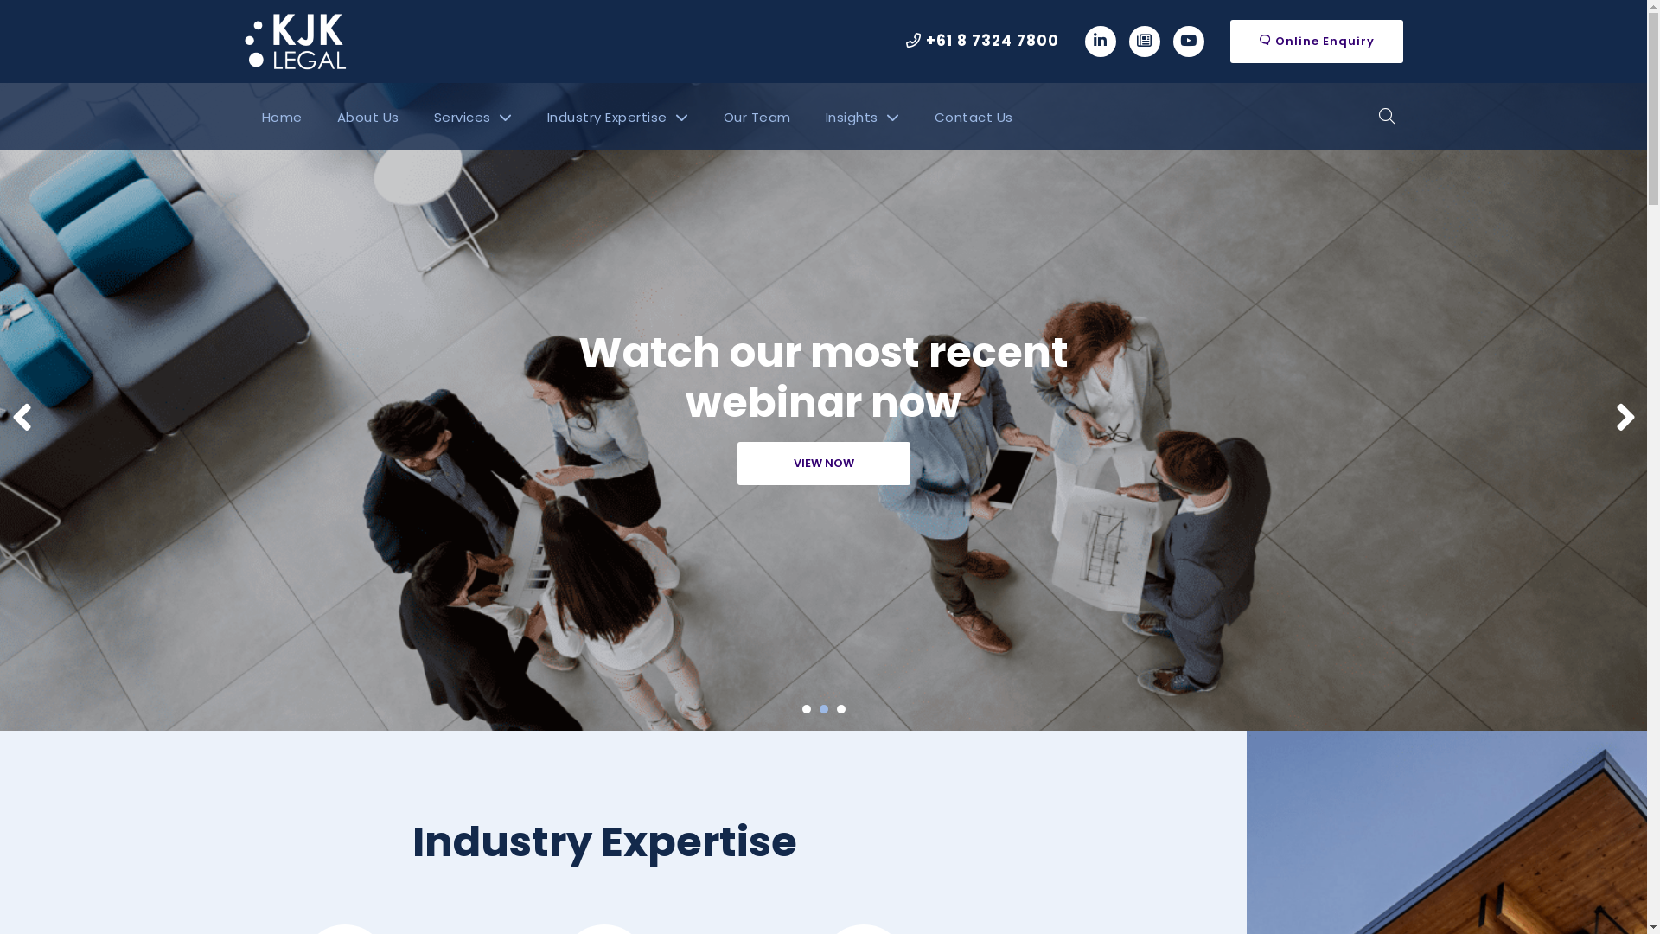 This screenshot has height=934, width=1660. I want to click on '3', so click(841, 709).